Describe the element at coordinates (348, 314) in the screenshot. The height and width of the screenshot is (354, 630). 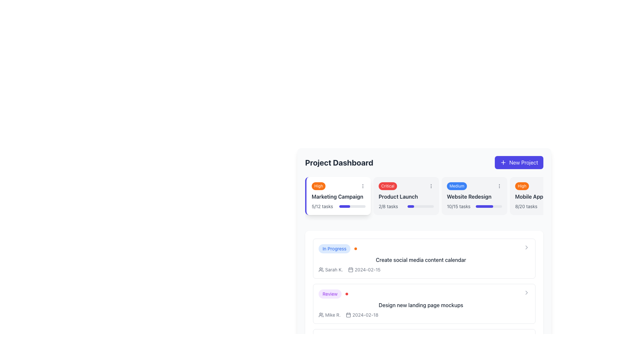
I see `the calendar icon located to the left of the text '2024-02-18', which serves as a visual cue for date-related information` at that location.